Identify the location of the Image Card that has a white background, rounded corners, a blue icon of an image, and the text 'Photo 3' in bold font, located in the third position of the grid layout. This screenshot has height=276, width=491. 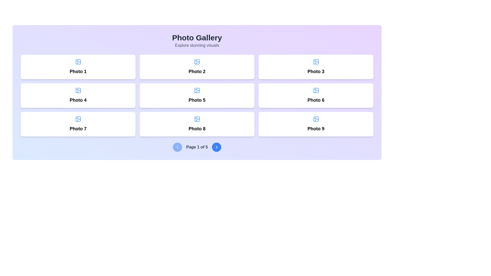
(316, 67).